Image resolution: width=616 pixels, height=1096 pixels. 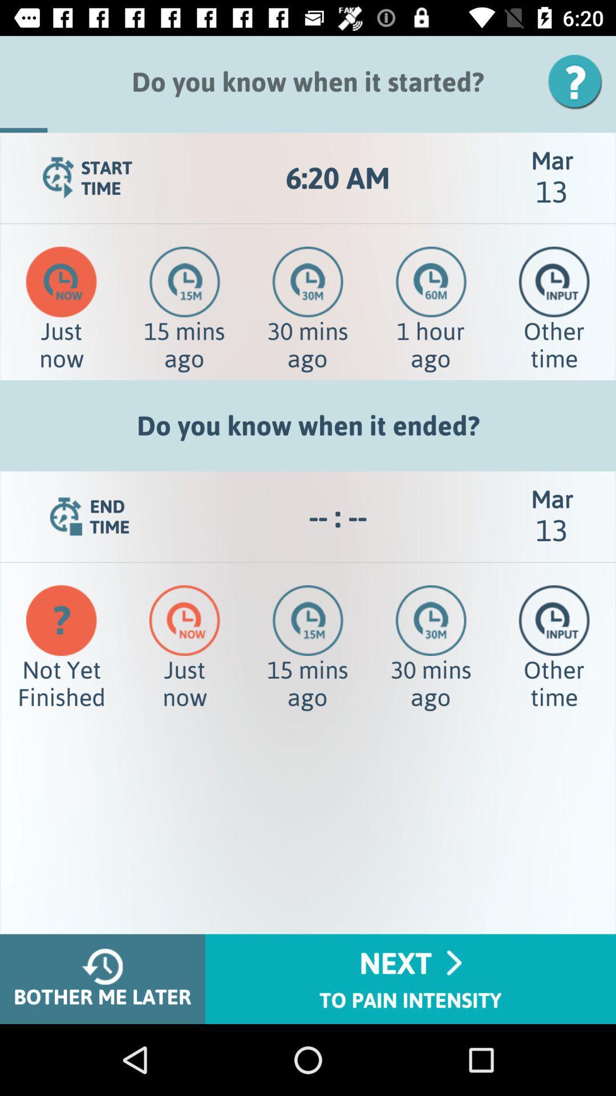 I want to click on the time icon, so click(x=431, y=281).